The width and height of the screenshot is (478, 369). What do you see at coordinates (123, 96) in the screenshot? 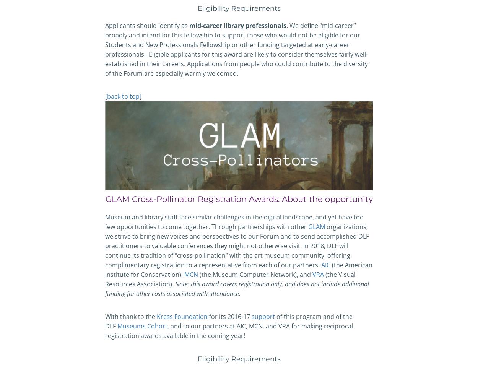
I see `'back to top'` at bounding box center [123, 96].